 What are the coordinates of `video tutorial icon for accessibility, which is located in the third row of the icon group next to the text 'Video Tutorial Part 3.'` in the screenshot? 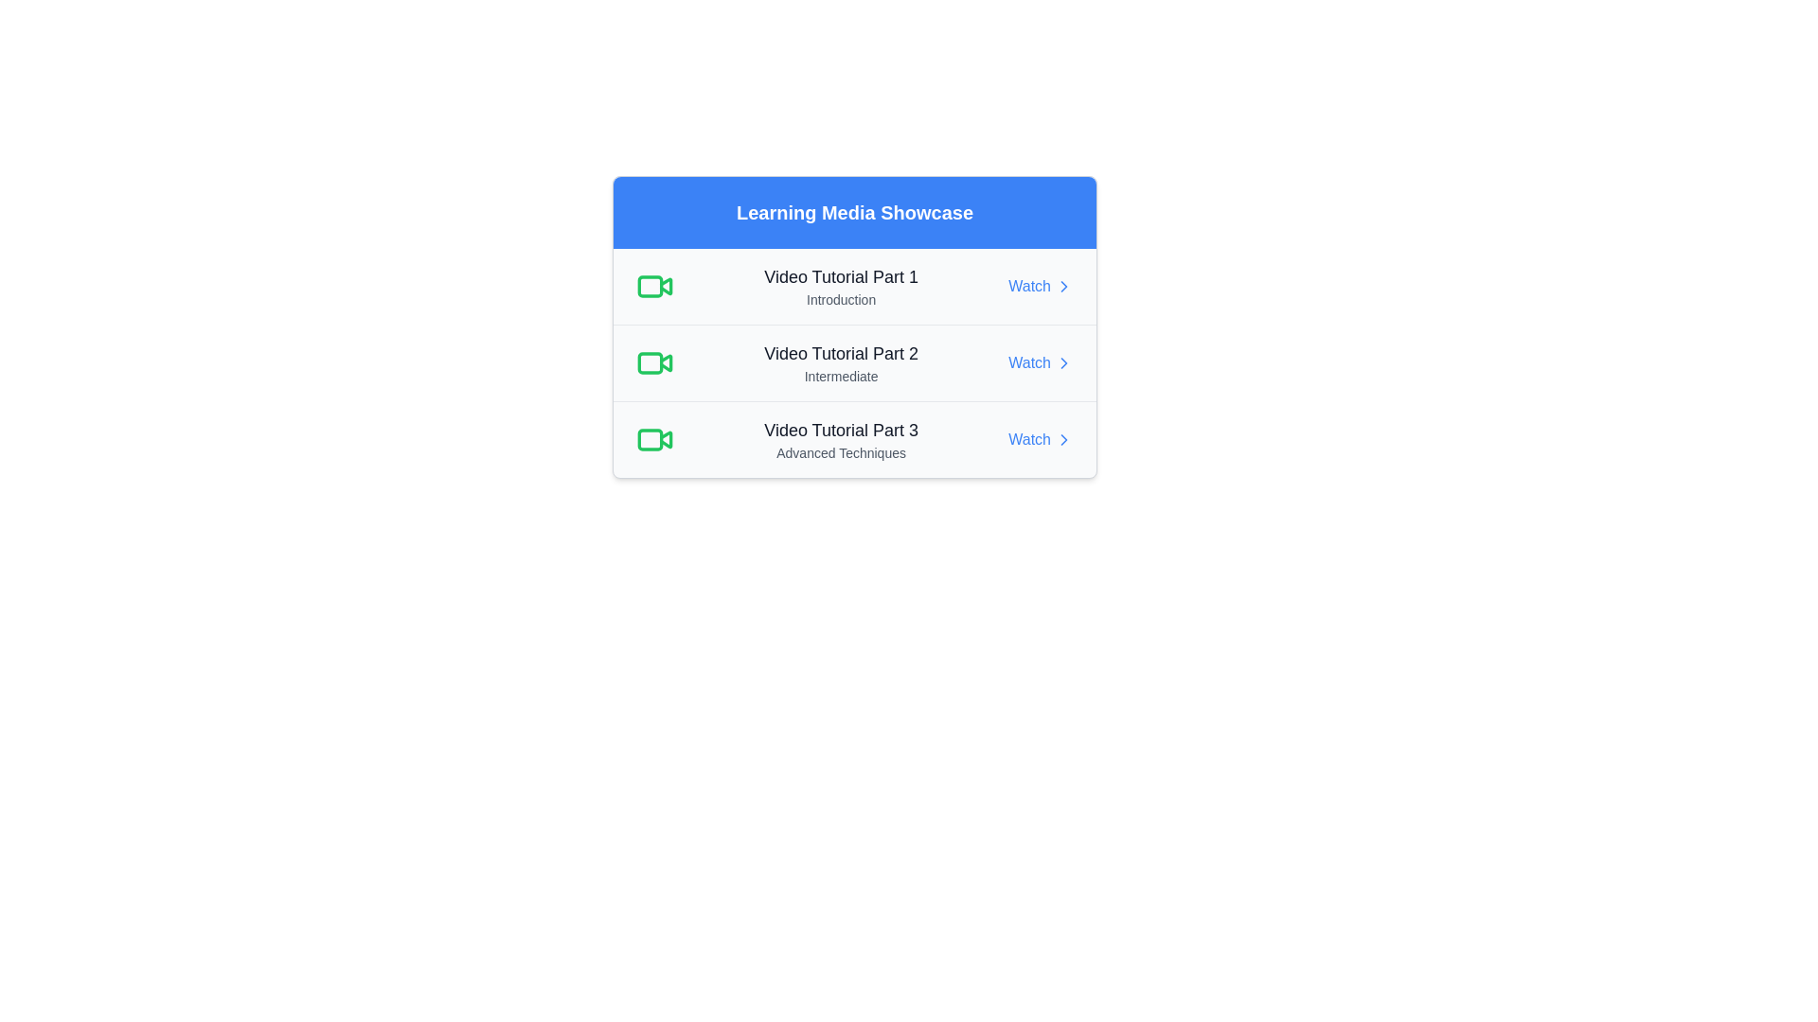 It's located at (650, 440).